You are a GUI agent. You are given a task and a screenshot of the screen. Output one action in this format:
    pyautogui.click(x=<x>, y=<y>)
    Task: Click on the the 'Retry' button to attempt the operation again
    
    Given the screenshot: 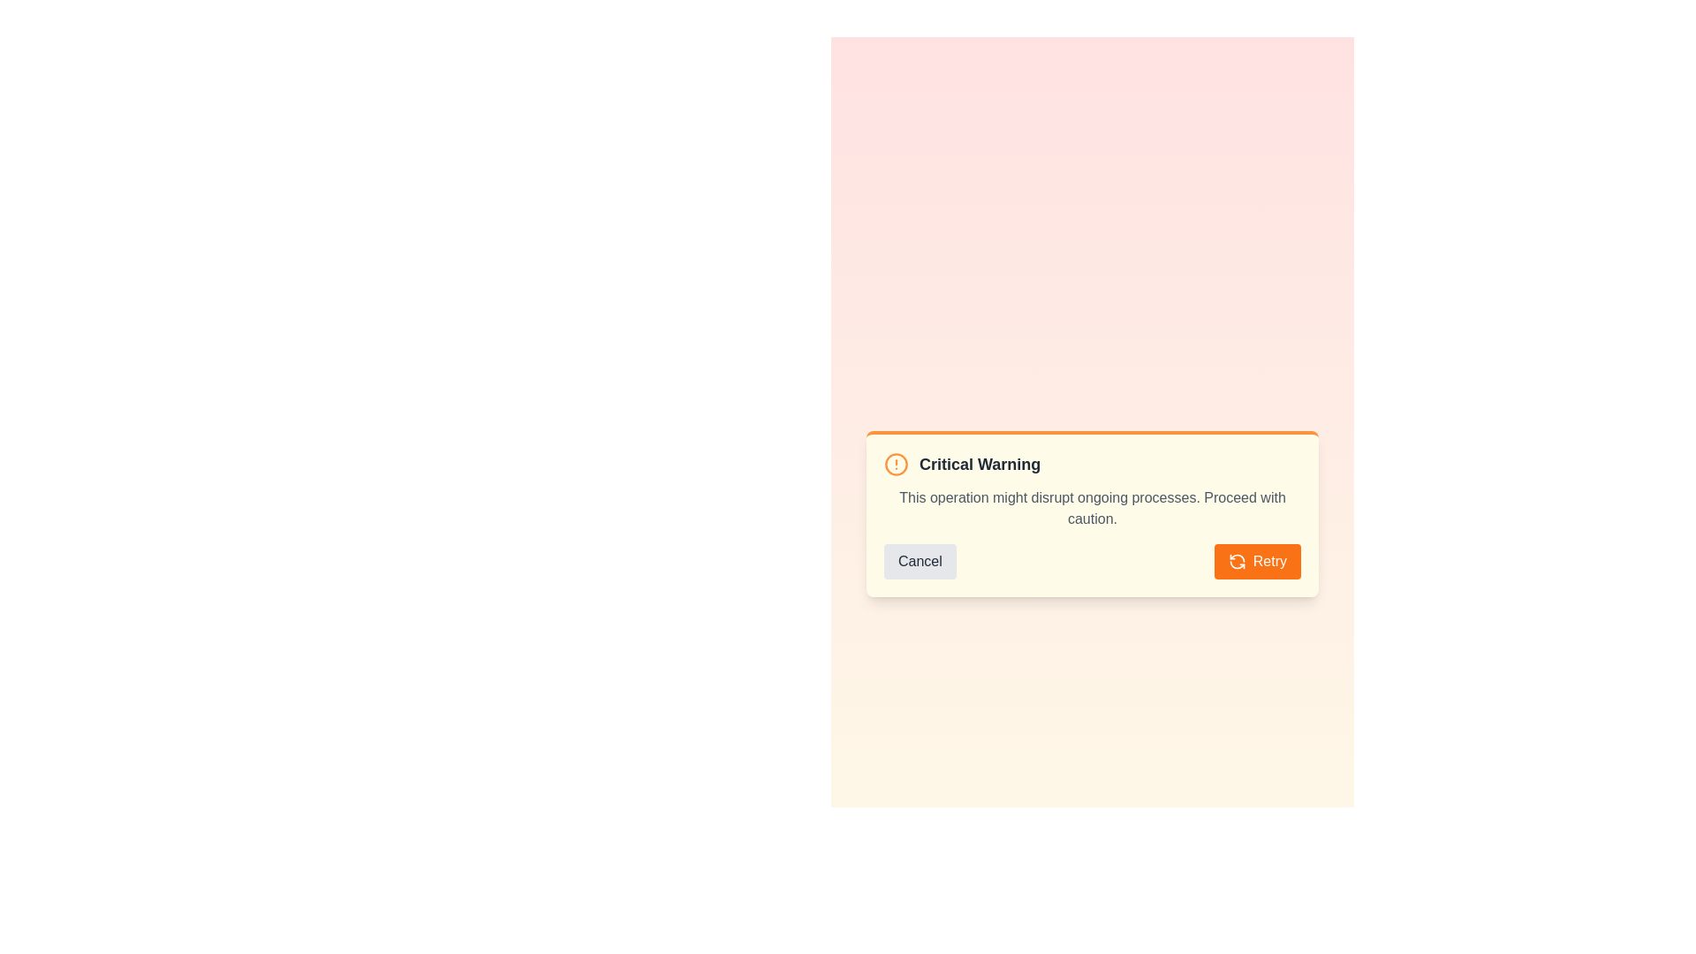 What is the action you would take?
    pyautogui.click(x=1256, y=562)
    